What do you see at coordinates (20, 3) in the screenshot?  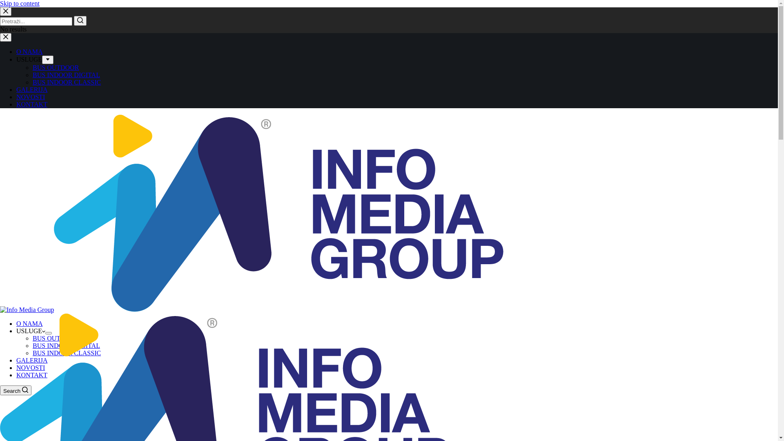 I see `'Skip to content'` at bounding box center [20, 3].